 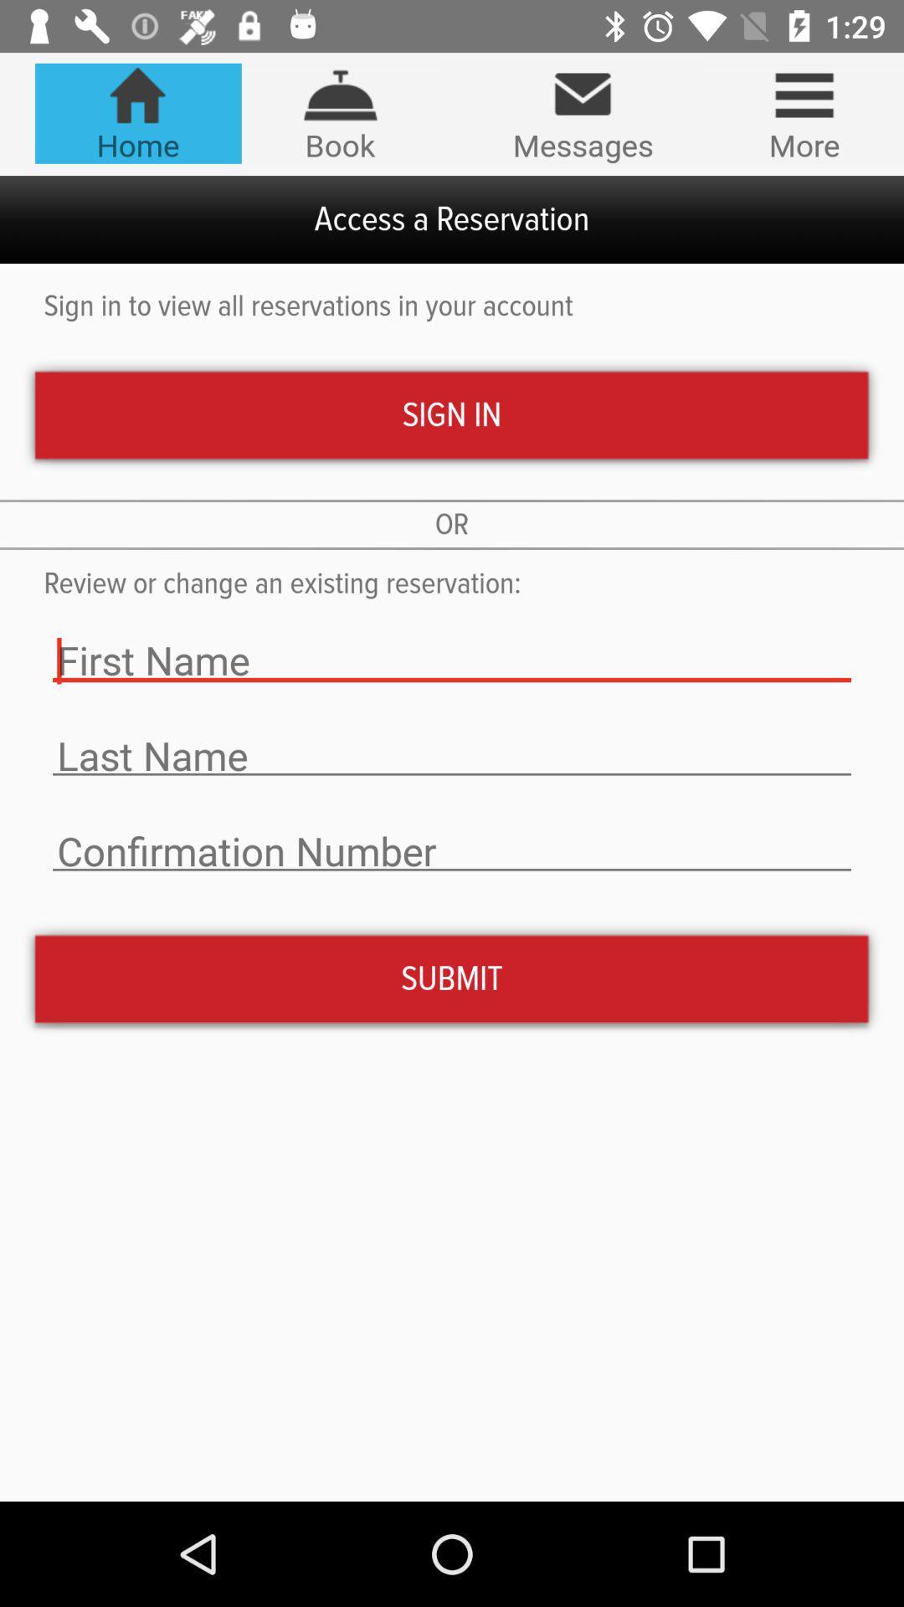 I want to click on more with its icon above, so click(x=804, y=112).